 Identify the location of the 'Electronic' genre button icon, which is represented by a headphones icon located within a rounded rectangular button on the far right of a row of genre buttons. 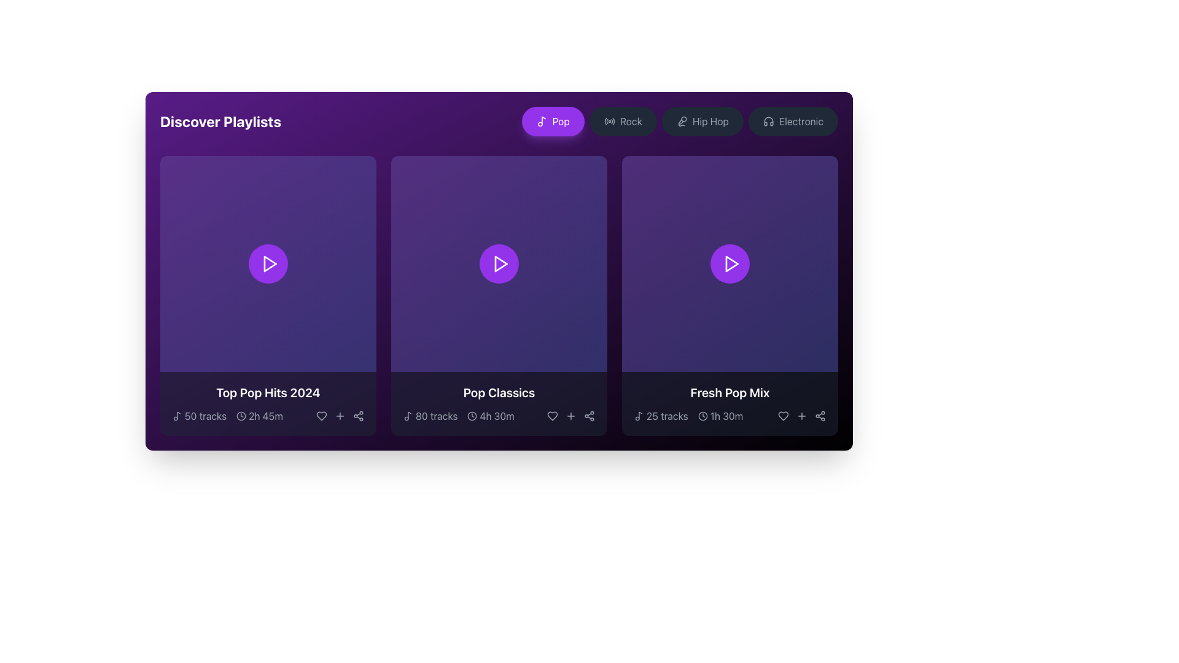
(768, 121).